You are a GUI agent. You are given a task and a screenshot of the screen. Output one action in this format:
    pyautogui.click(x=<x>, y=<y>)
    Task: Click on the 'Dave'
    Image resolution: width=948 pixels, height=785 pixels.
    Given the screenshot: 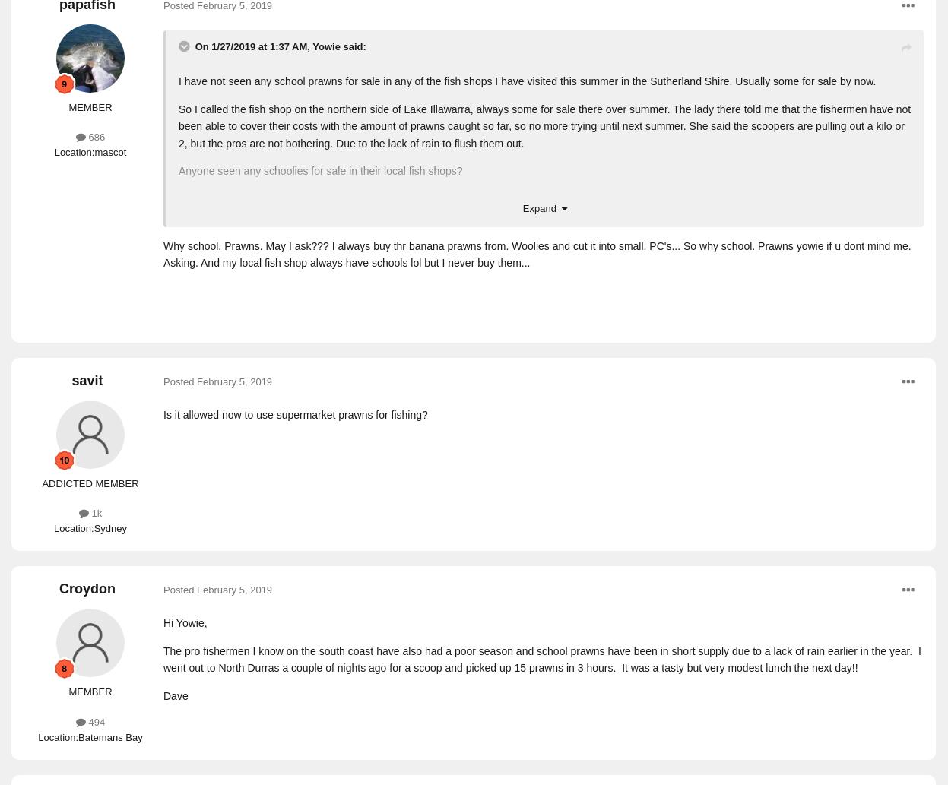 What is the action you would take?
    pyautogui.click(x=175, y=695)
    